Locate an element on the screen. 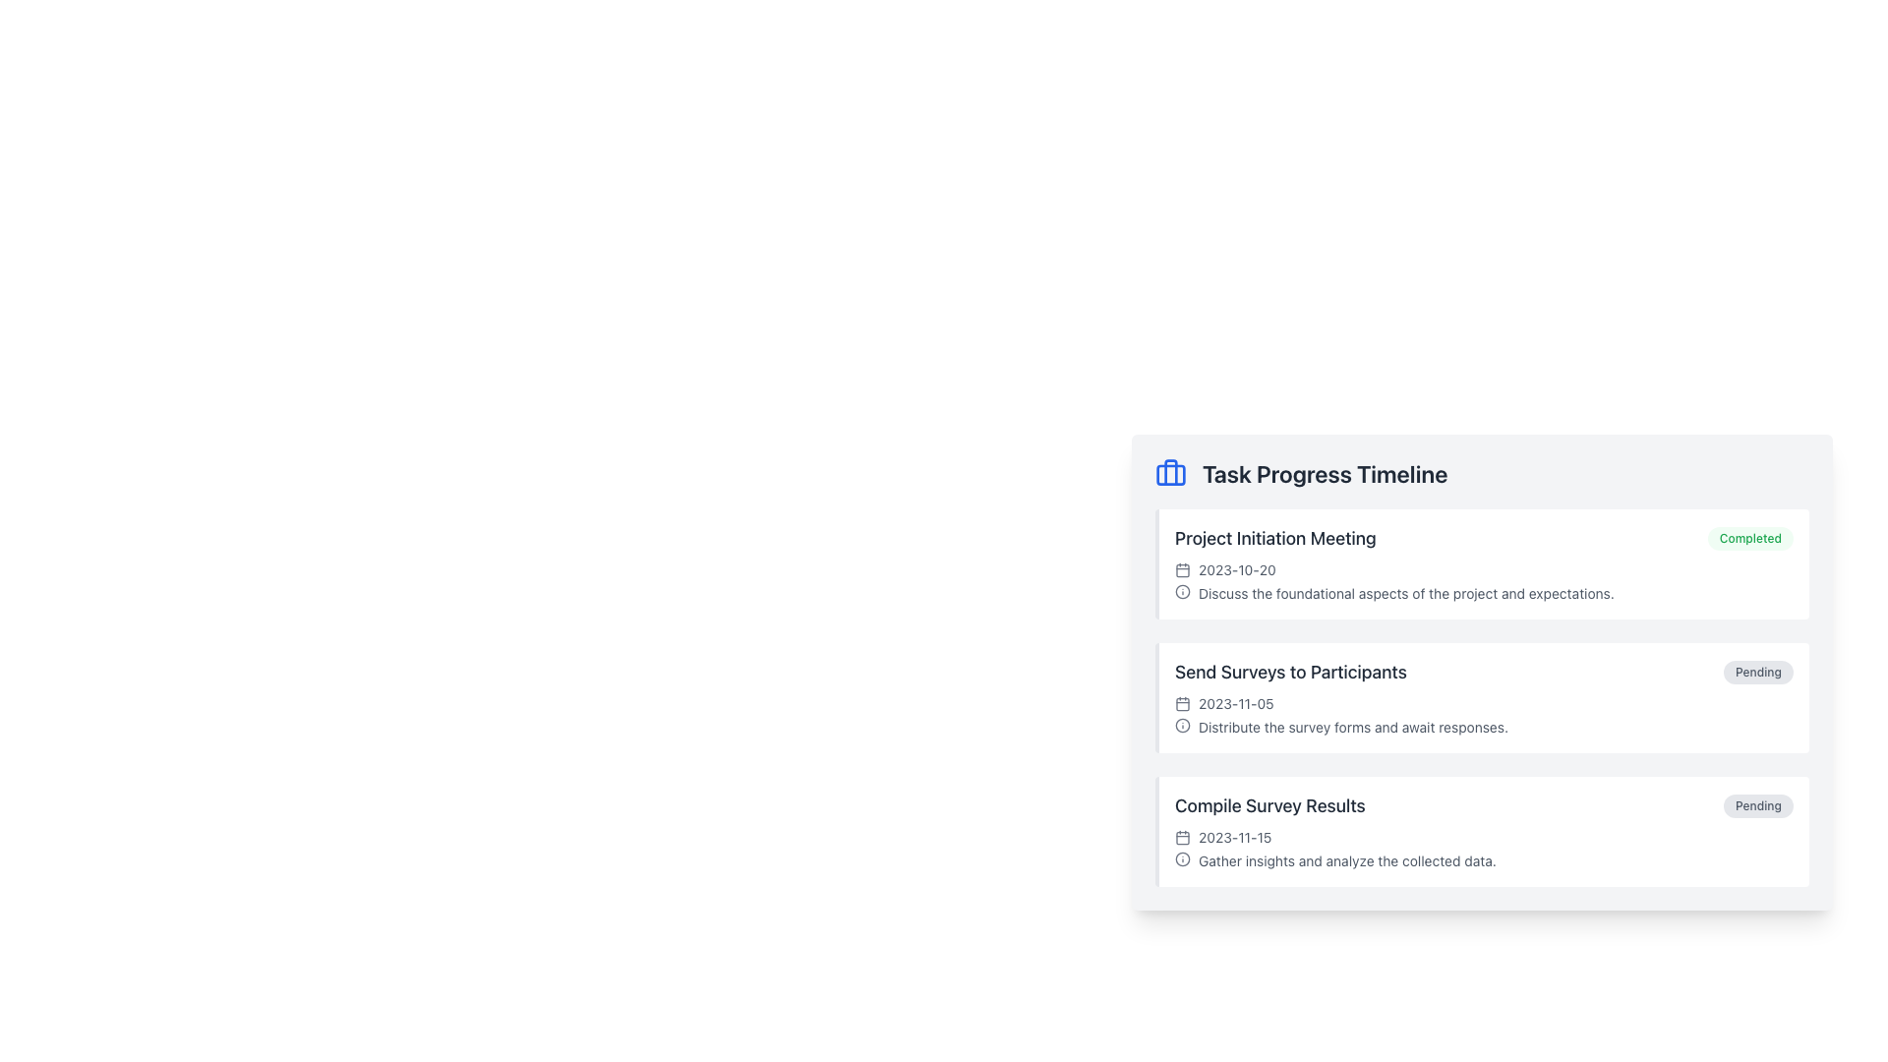 Image resolution: width=1888 pixels, height=1062 pixels. the static text that reads 'Gather insights and analyze the collected data.' located in the task progress timeline interface is located at coordinates (1346, 859).